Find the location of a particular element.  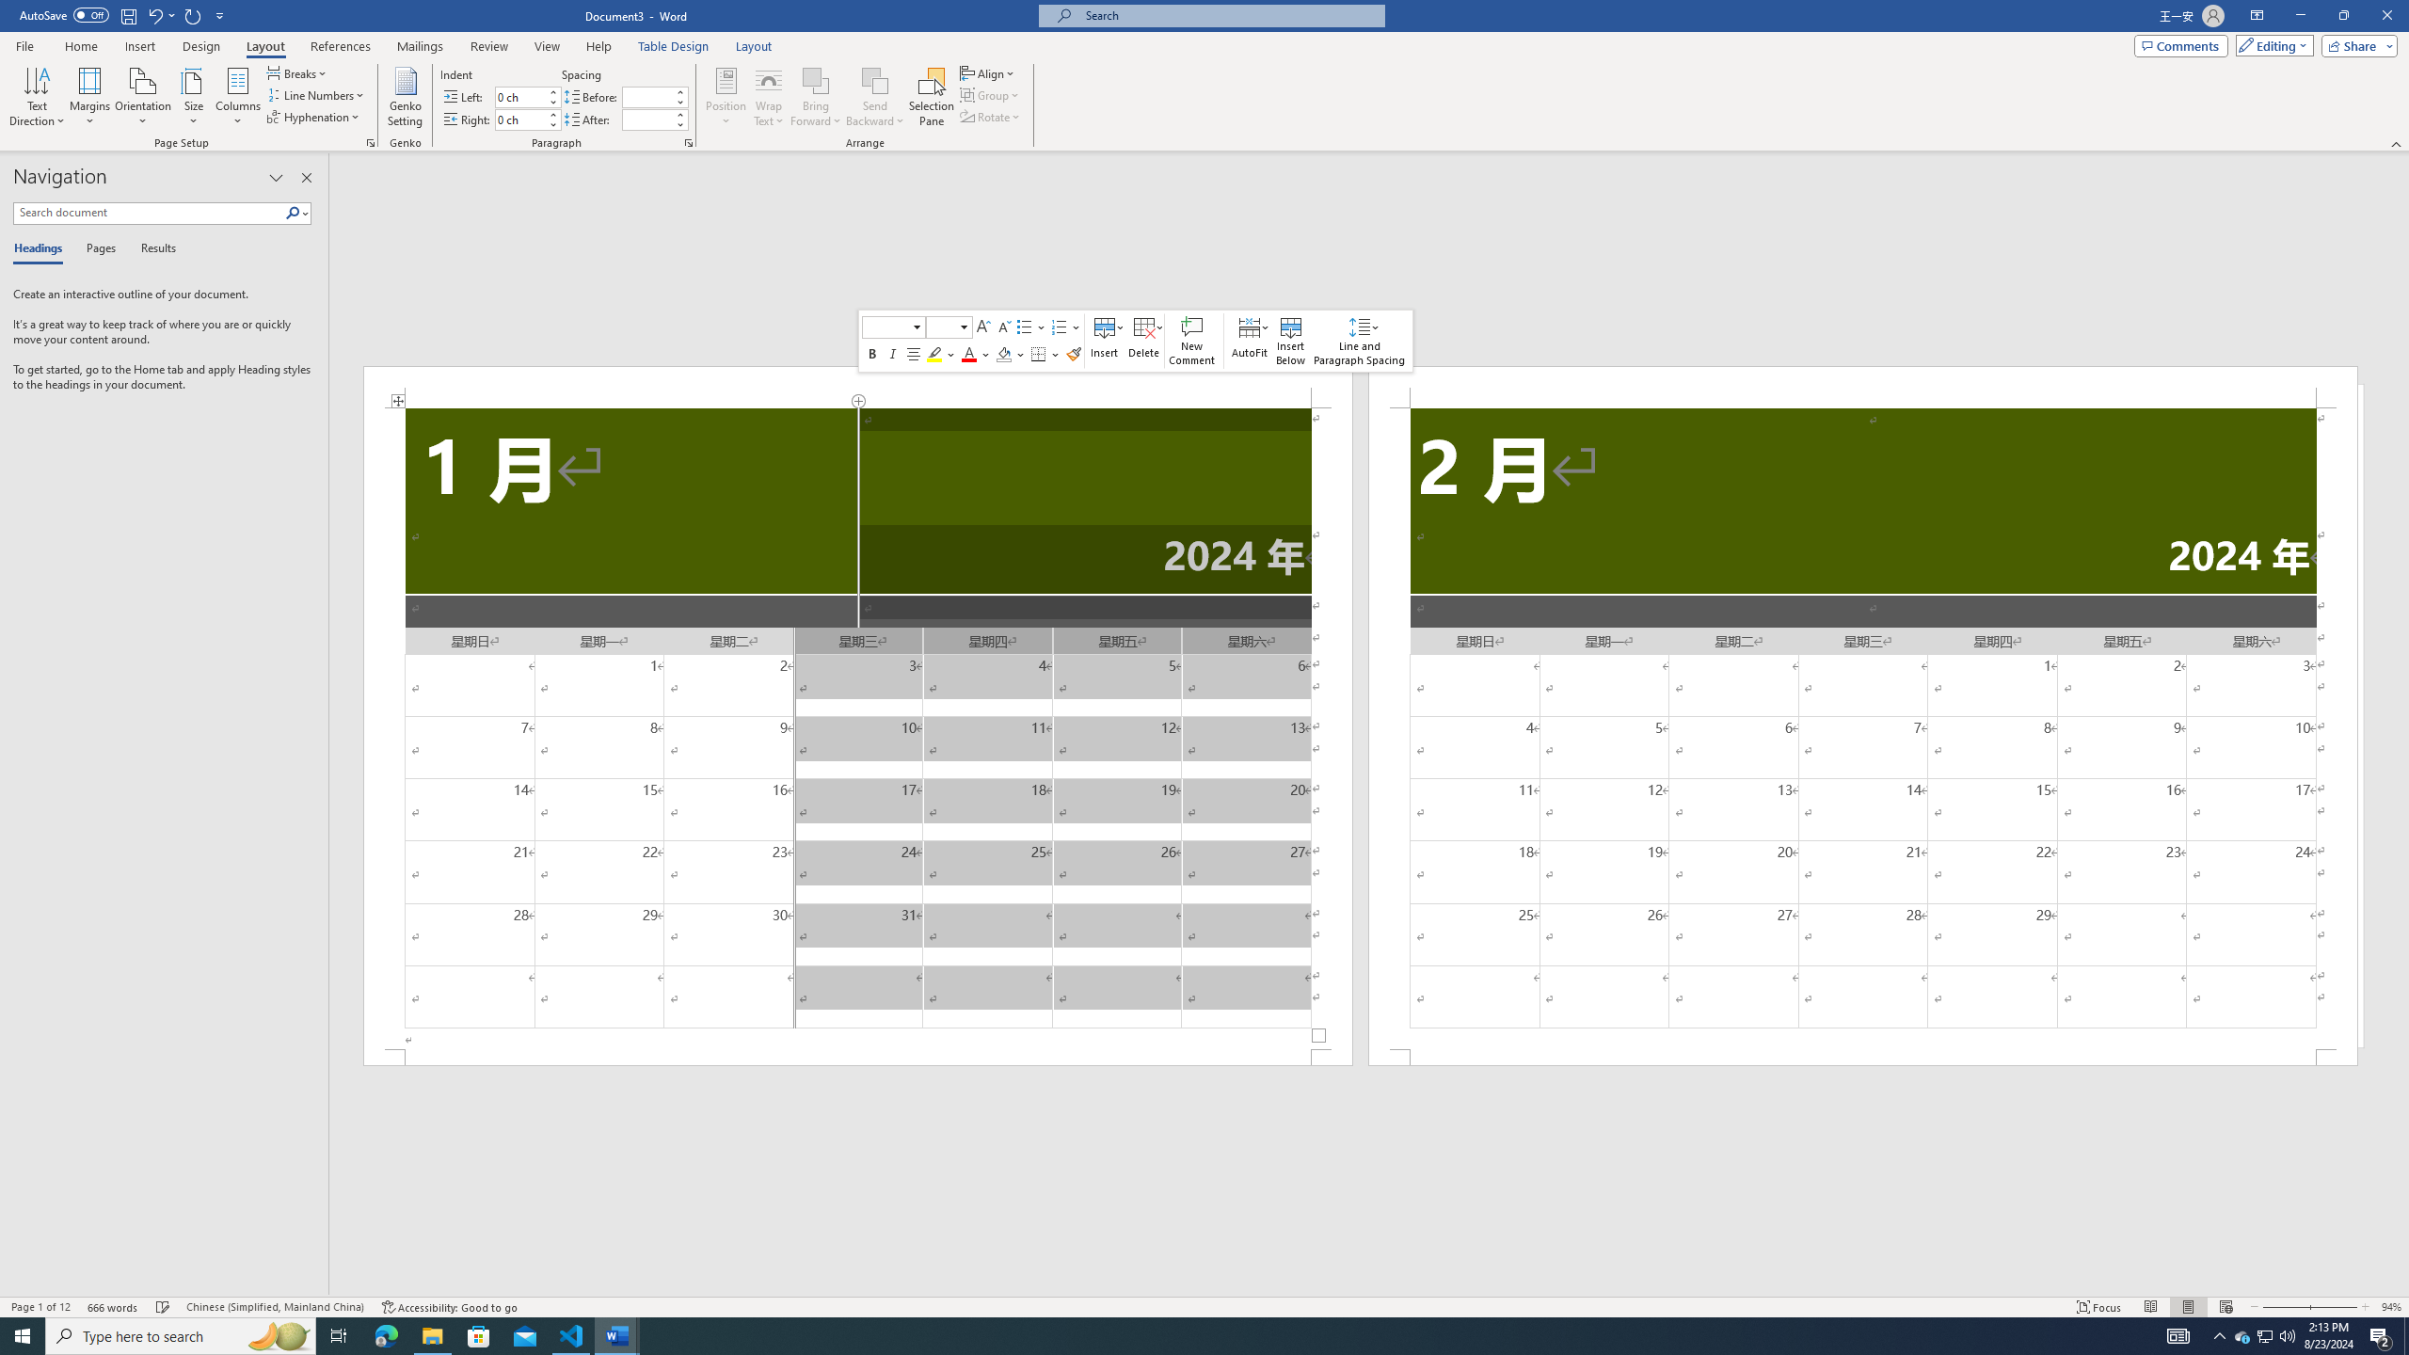

'Genko Setting...' is located at coordinates (406, 97).